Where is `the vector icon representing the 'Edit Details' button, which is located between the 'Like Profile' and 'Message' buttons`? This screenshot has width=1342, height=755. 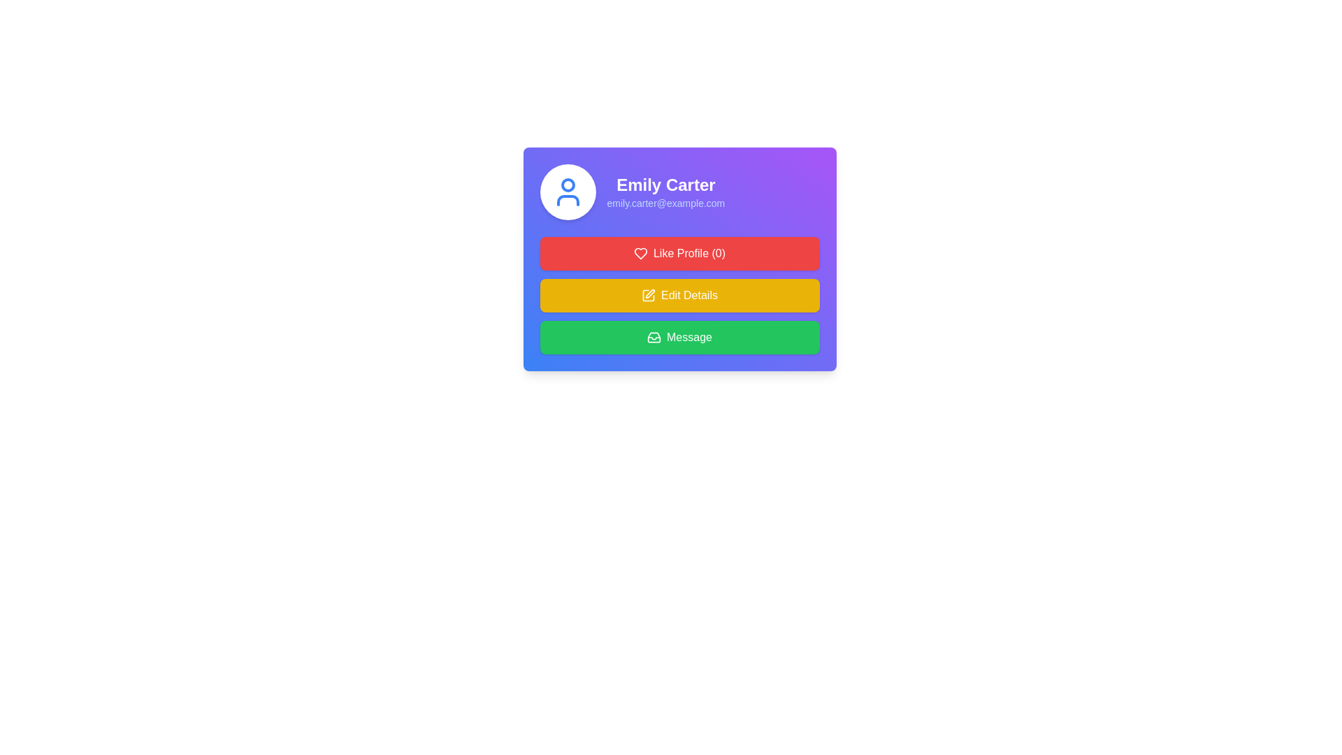 the vector icon representing the 'Edit Details' button, which is located between the 'Like Profile' and 'Message' buttons is located at coordinates (647, 295).